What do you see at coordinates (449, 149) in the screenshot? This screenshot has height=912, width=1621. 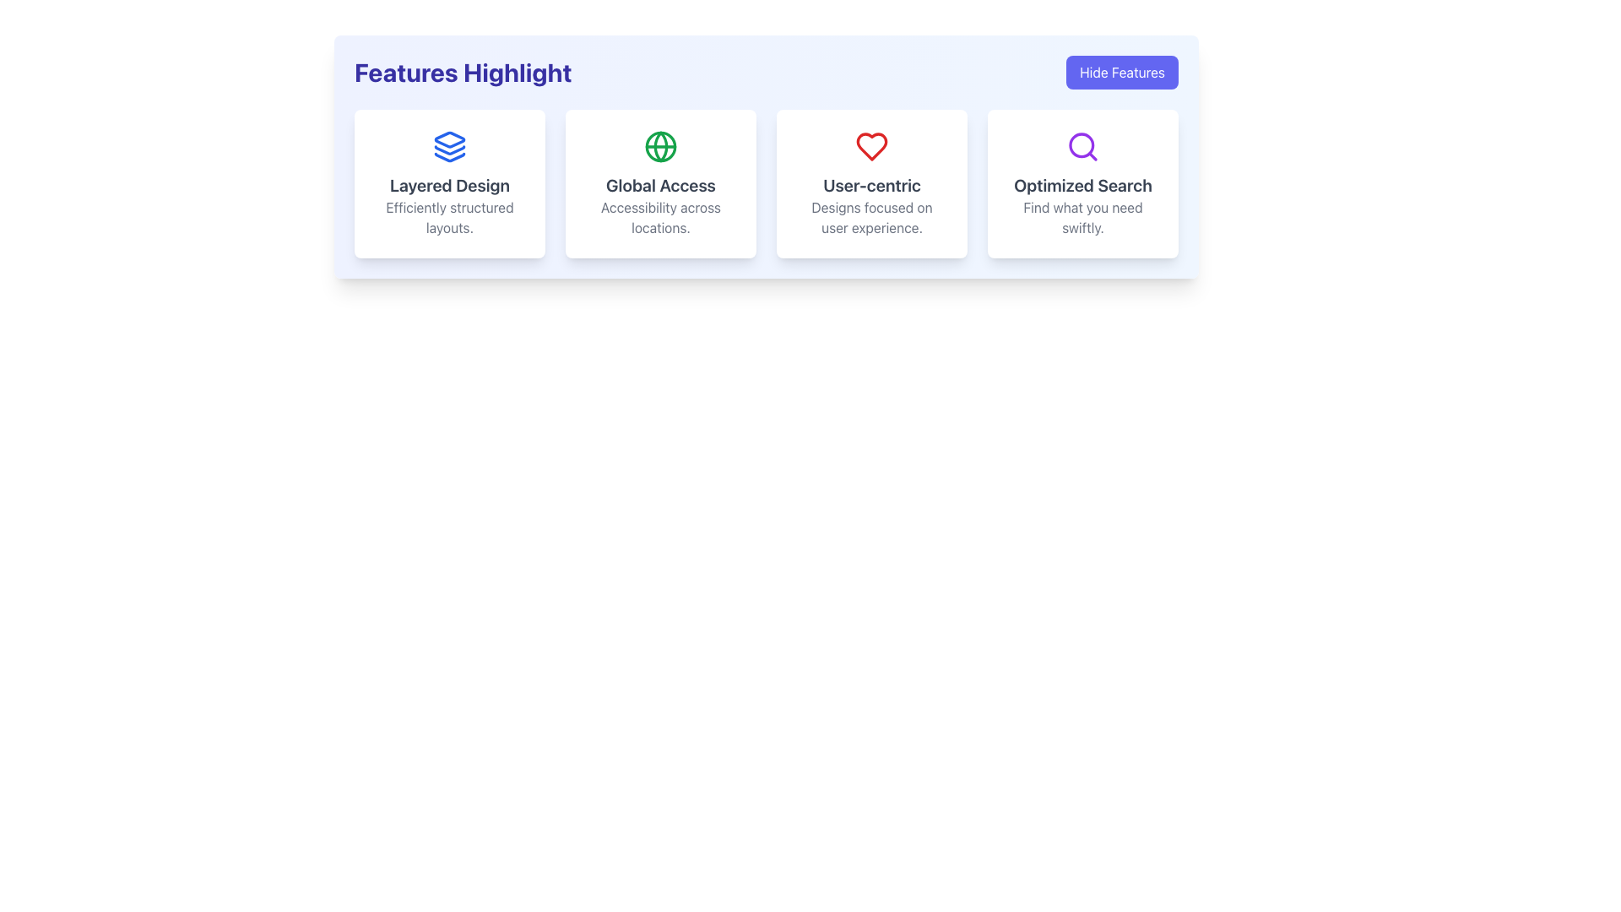 I see `the layered design feature icon located in the first card of the 'Features Highlight' section, which is the middle of three blue shapes` at bounding box center [449, 149].